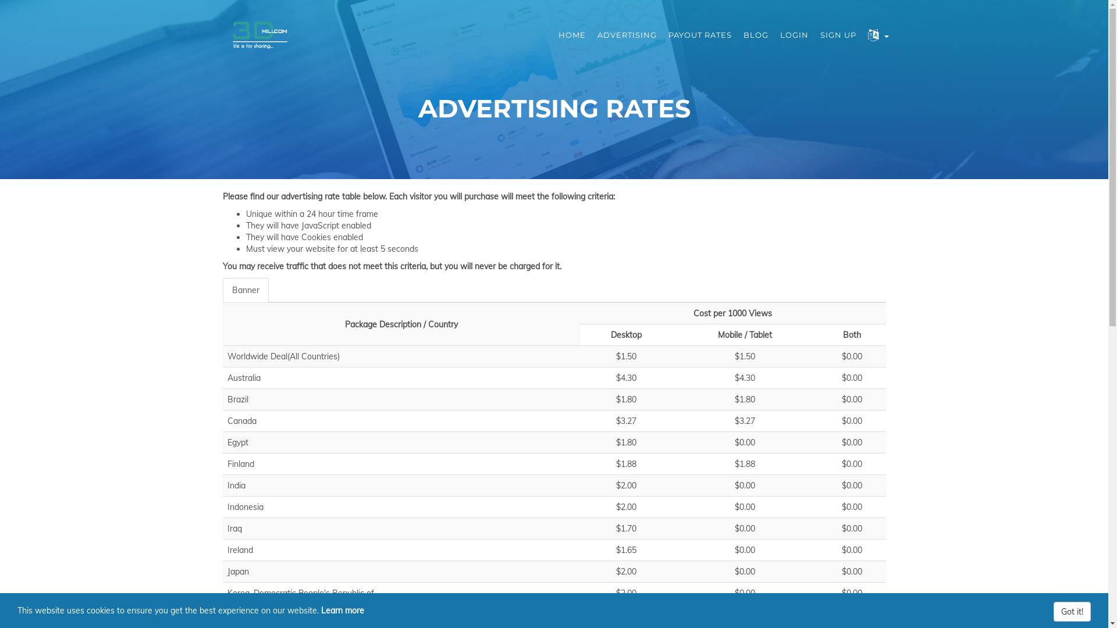  What do you see at coordinates (572, 34) in the screenshot?
I see `'HOME'` at bounding box center [572, 34].